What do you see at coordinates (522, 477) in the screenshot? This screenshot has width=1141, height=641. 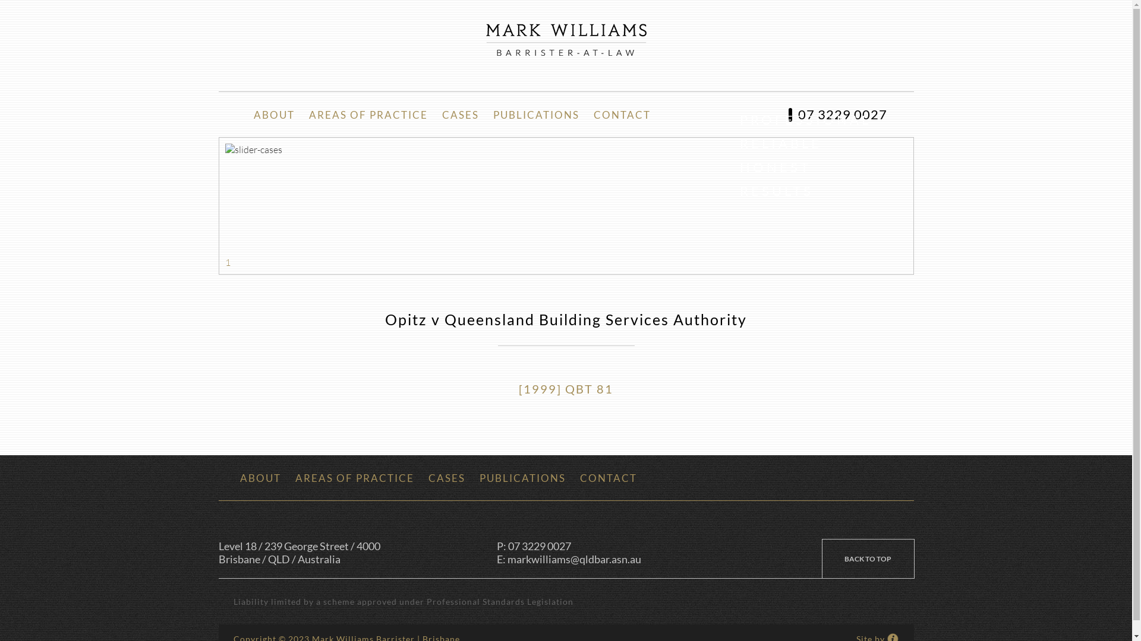 I see `'PUBLICATIONS'` at bounding box center [522, 477].